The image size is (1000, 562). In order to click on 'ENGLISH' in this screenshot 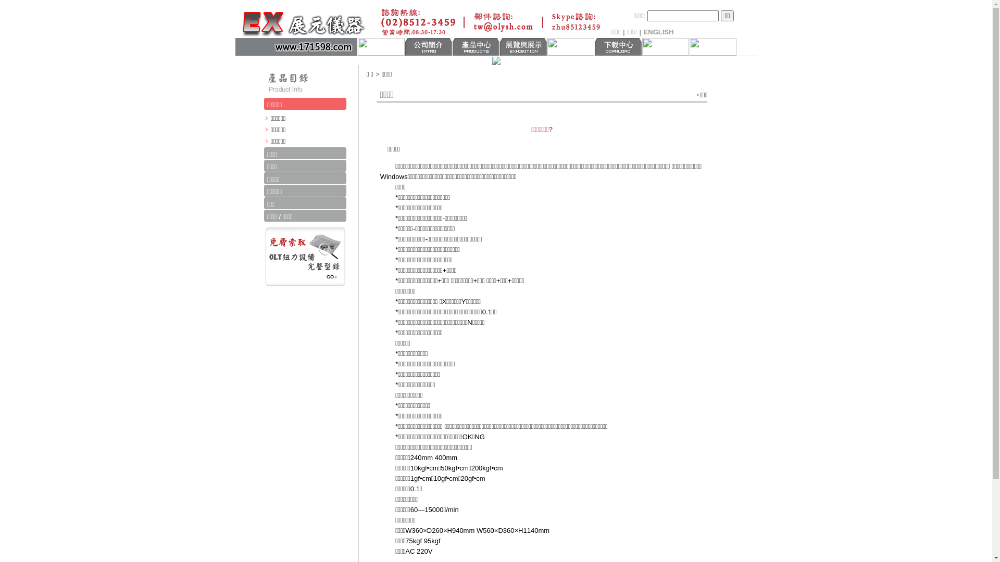, I will do `click(643, 31)`.